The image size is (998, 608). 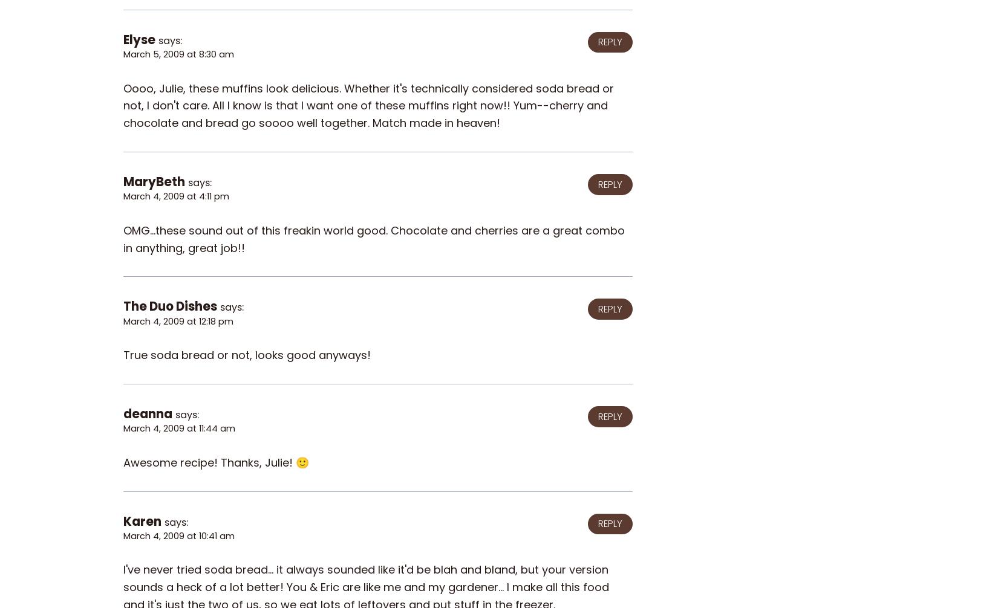 I want to click on 'The Duo Dishes', so click(x=170, y=306).